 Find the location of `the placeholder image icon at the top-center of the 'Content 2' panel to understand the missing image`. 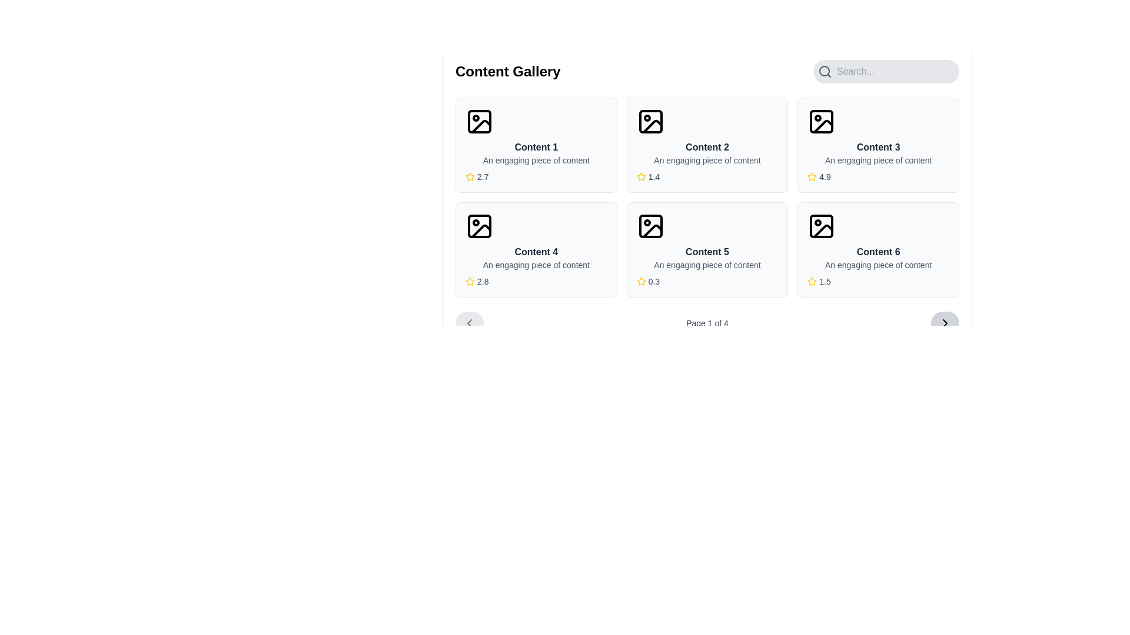

the placeholder image icon at the top-center of the 'Content 2' panel to understand the missing image is located at coordinates (650, 122).